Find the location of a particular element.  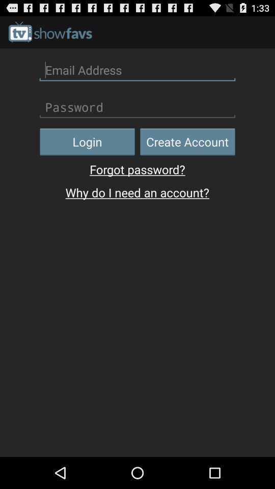

your email address is located at coordinates (137, 69).